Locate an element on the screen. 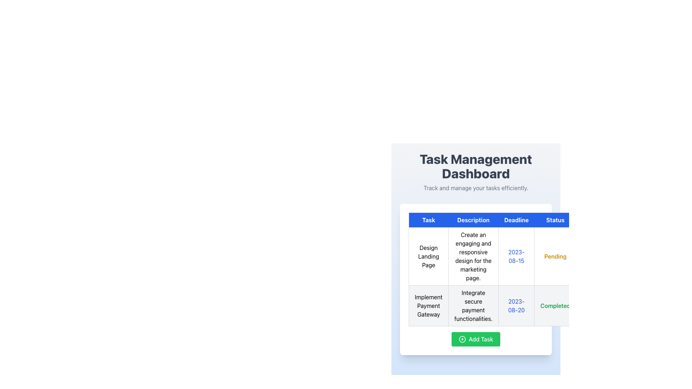 The width and height of the screenshot is (692, 389). the 'Add New Task' button located near the bottom center of the interface is located at coordinates (476, 339).